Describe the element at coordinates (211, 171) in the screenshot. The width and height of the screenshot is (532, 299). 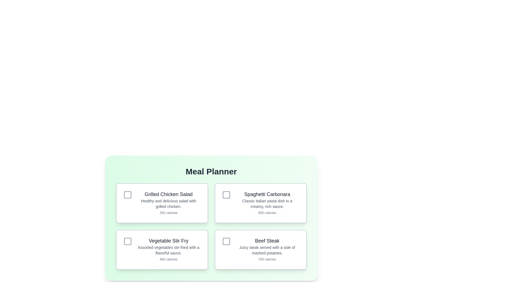
I see `prominent header text labeled 'Meal Planner' which is displayed in large, bold, dark-gray font at the top center of the meal options section` at that location.